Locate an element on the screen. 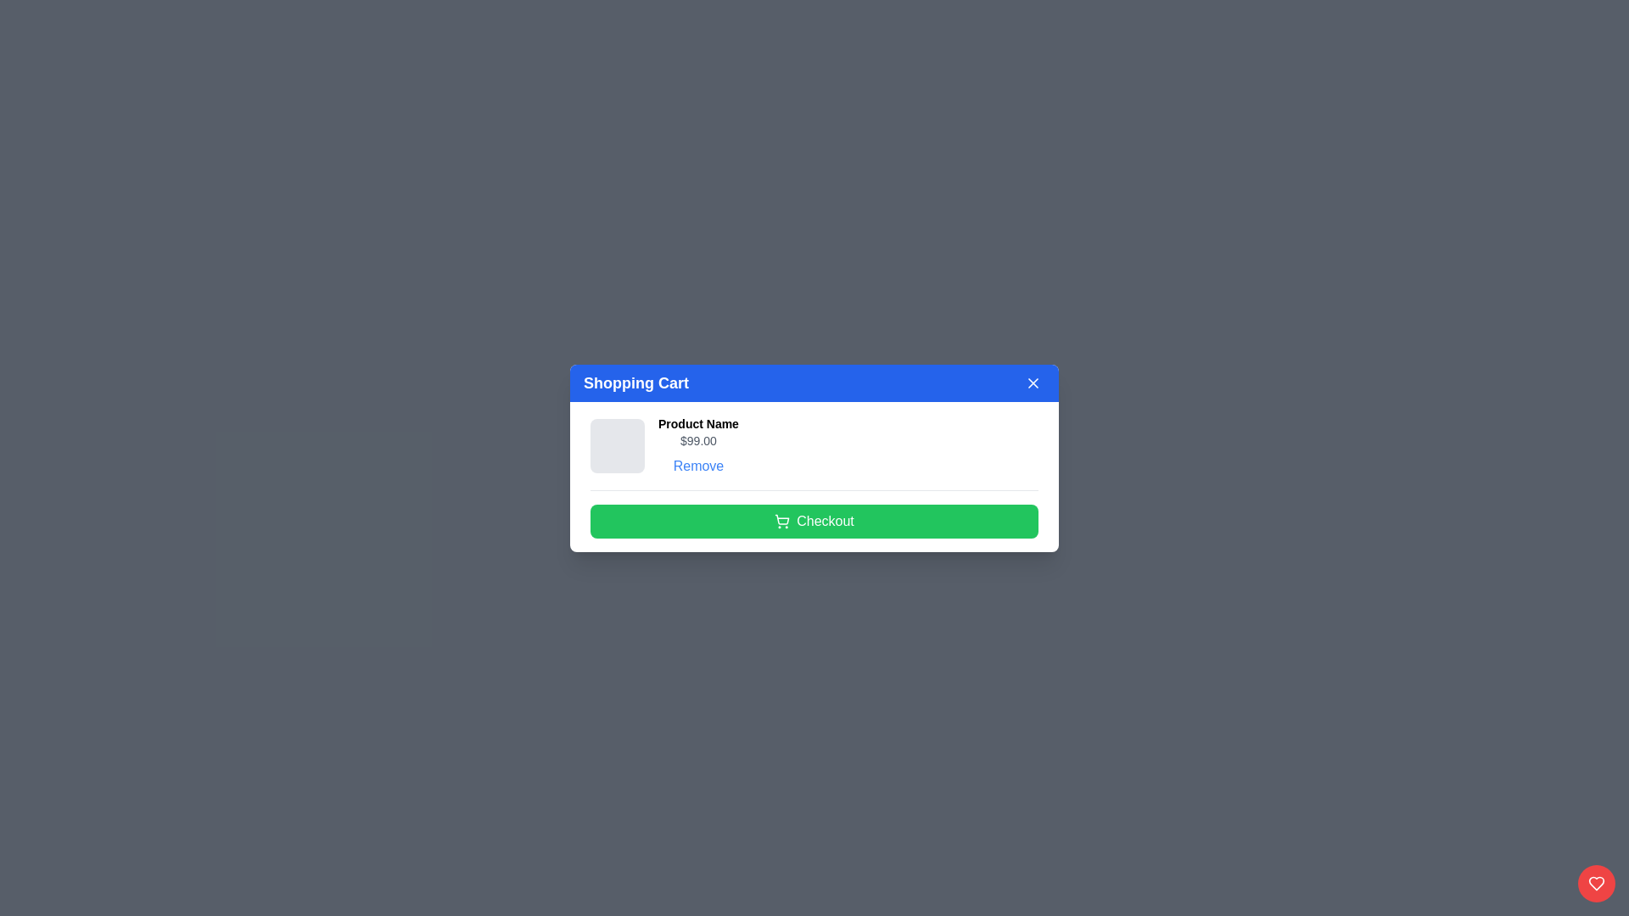 This screenshot has height=916, width=1629. the 'close' icon located in the top-right corner of the modal header is located at coordinates (1033, 383).